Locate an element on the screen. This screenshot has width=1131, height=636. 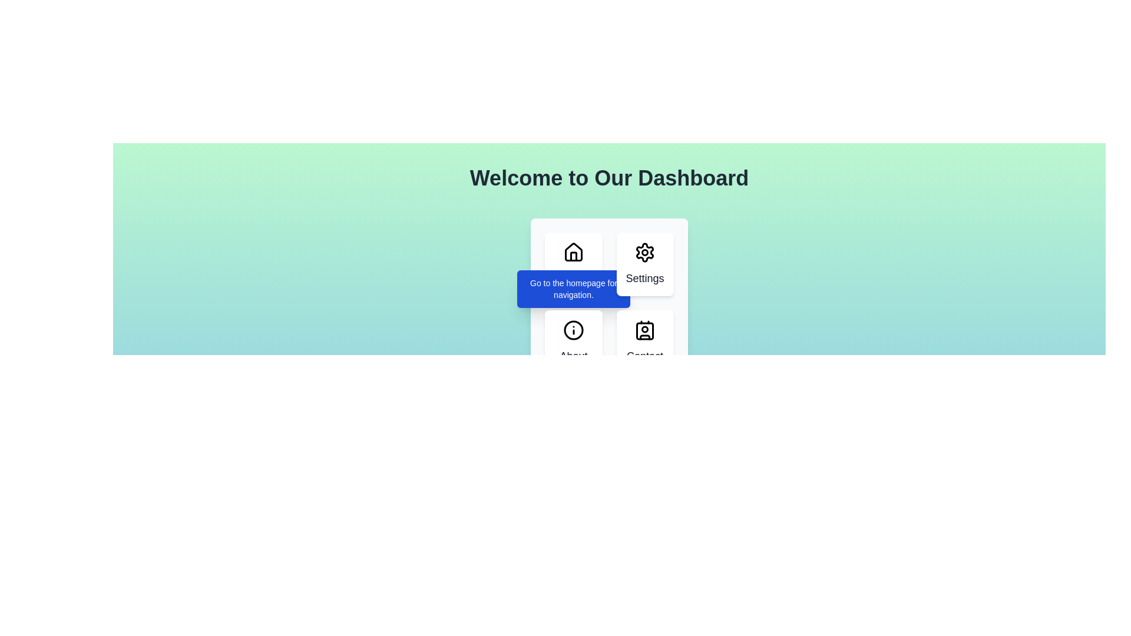
the black-bordered circle element of the info icon located in the lower-left quadrant of the dashboard interface is located at coordinates (574, 330).